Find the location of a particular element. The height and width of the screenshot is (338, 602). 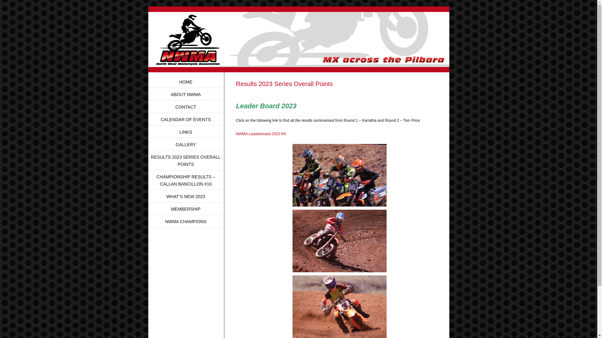

'NWMA CHAMPIONS' is located at coordinates (165, 221).